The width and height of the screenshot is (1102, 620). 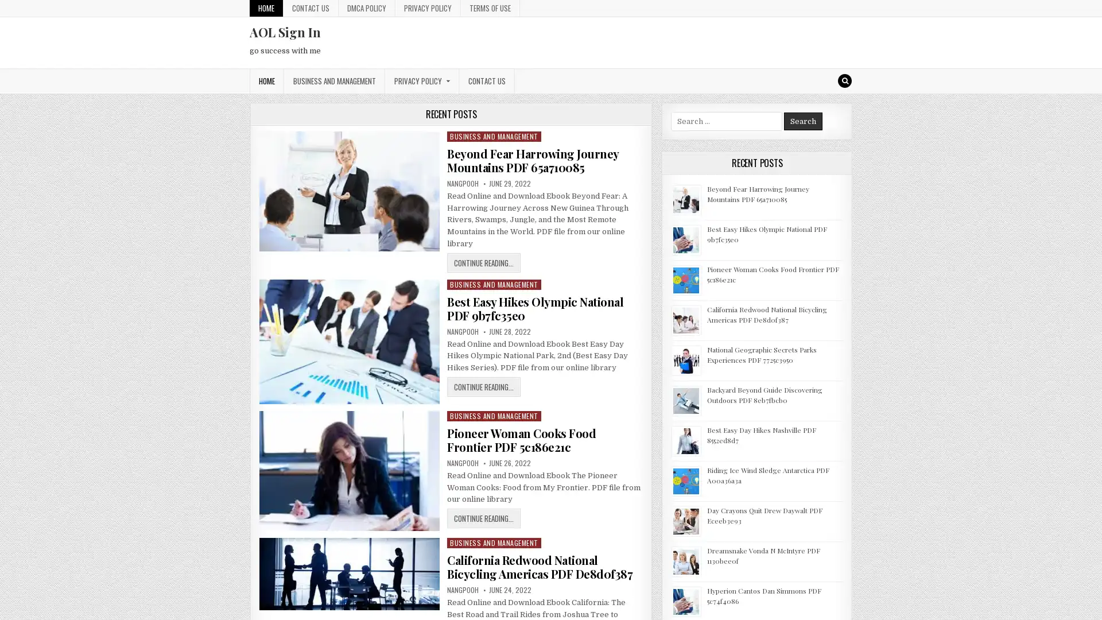 I want to click on Search, so click(x=802, y=121).